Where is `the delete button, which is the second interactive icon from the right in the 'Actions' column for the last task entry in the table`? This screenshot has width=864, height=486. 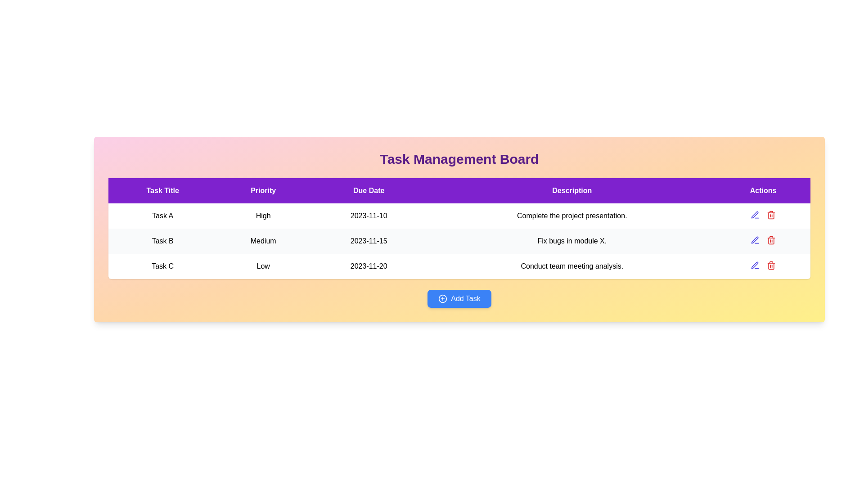 the delete button, which is the second interactive icon from the right in the 'Actions' column for the last task entry in the table is located at coordinates (771, 265).